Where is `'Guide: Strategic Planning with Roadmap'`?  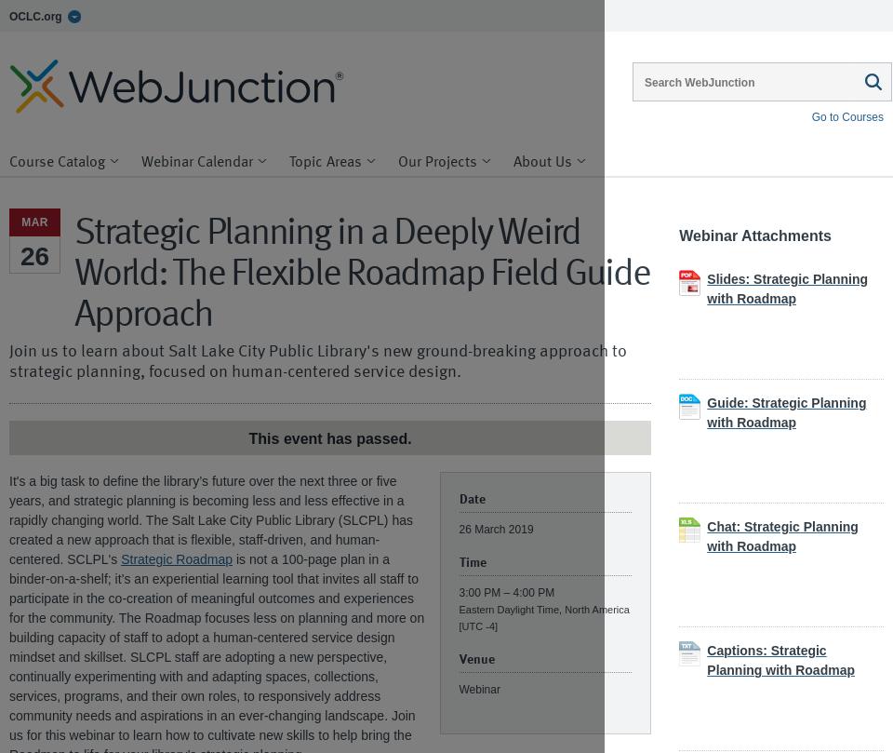
'Guide: Strategic Planning with Roadmap' is located at coordinates (785, 411).